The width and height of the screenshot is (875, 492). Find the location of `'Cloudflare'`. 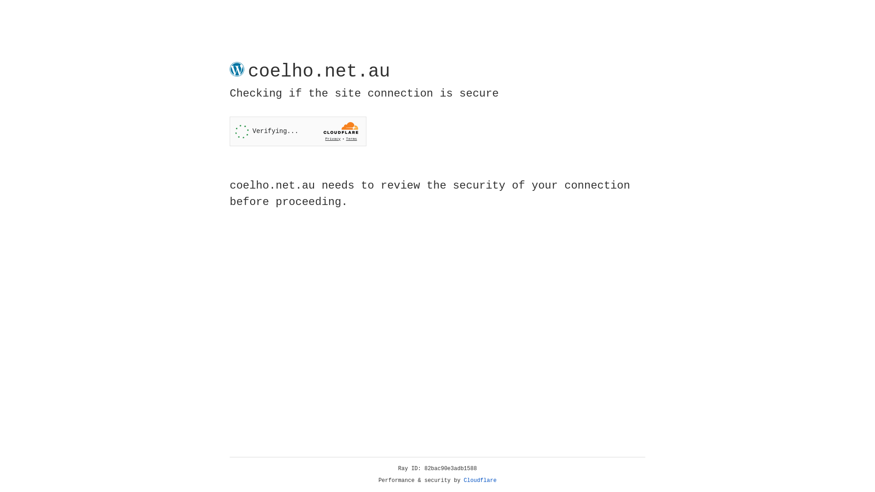

'Cloudflare' is located at coordinates (480, 480).